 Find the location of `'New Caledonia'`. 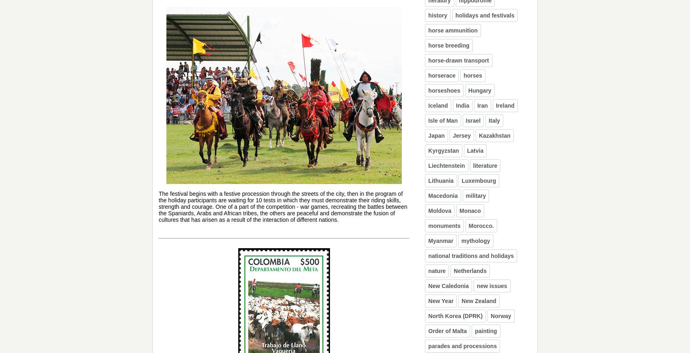

'New Caledonia' is located at coordinates (448, 286).